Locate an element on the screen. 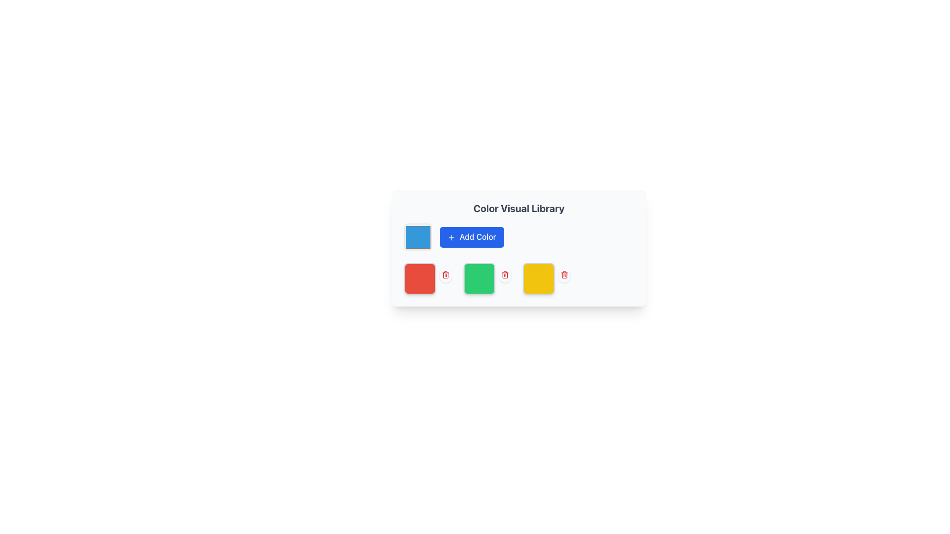 This screenshot has height=534, width=950. the delete icon located in the top-right corner of the green square in the second row of the UI is located at coordinates (505, 274).